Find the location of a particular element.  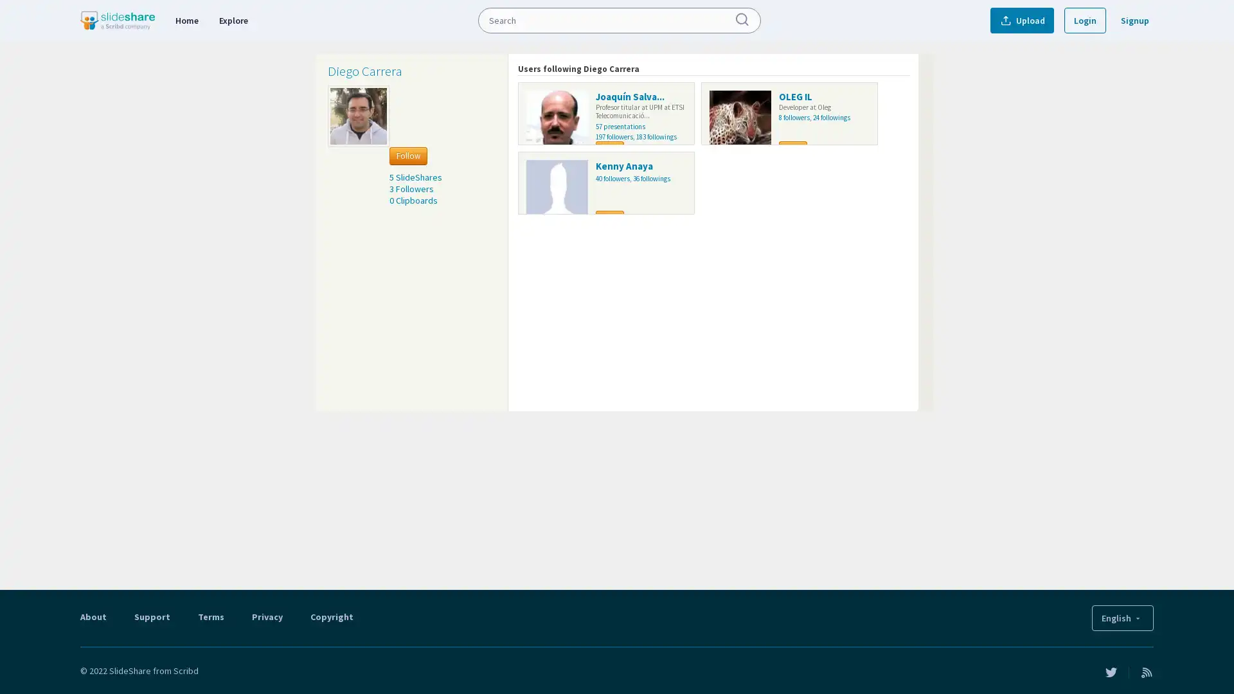

English is located at coordinates (1122, 617).